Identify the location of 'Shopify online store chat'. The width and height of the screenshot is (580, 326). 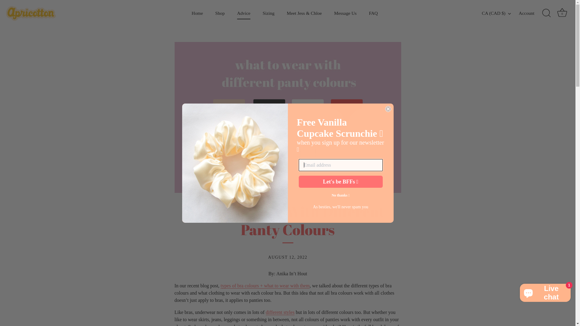
(517, 291).